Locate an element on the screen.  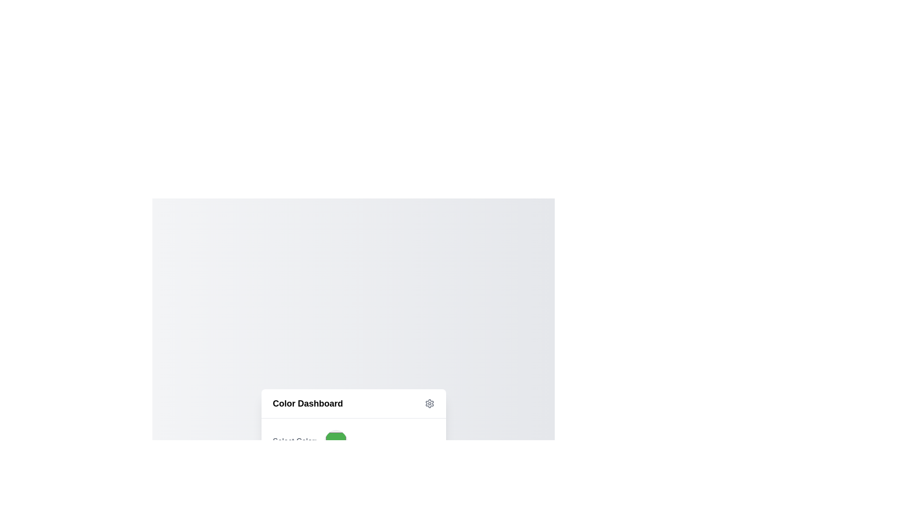
the settings icon located at the top-right corner of the 'Color Dashboard' card is located at coordinates (429, 404).